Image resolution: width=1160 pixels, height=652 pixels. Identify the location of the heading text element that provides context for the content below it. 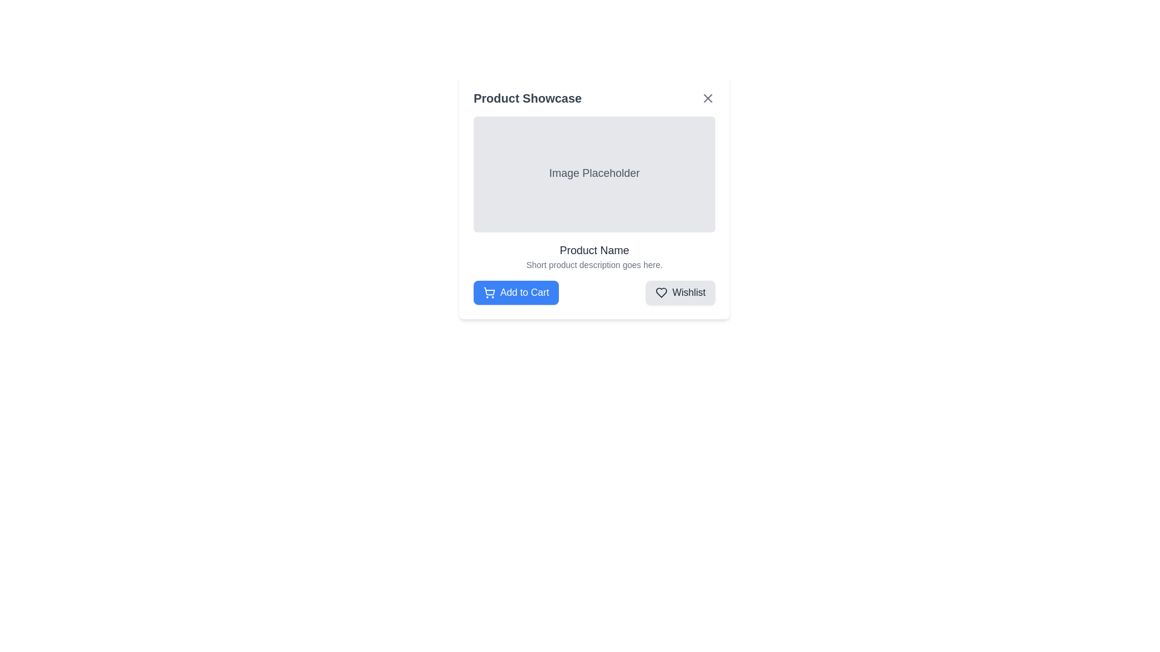
(527, 97).